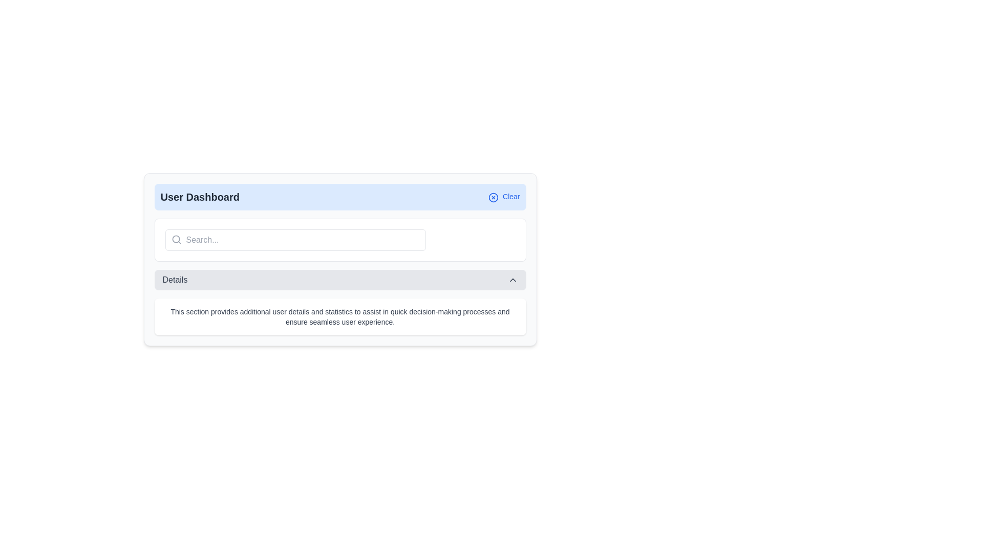 The height and width of the screenshot is (553, 983). Describe the element at coordinates (340, 280) in the screenshot. I see `the toggle button located below the search bar that expands or collapses additional information` at that location.